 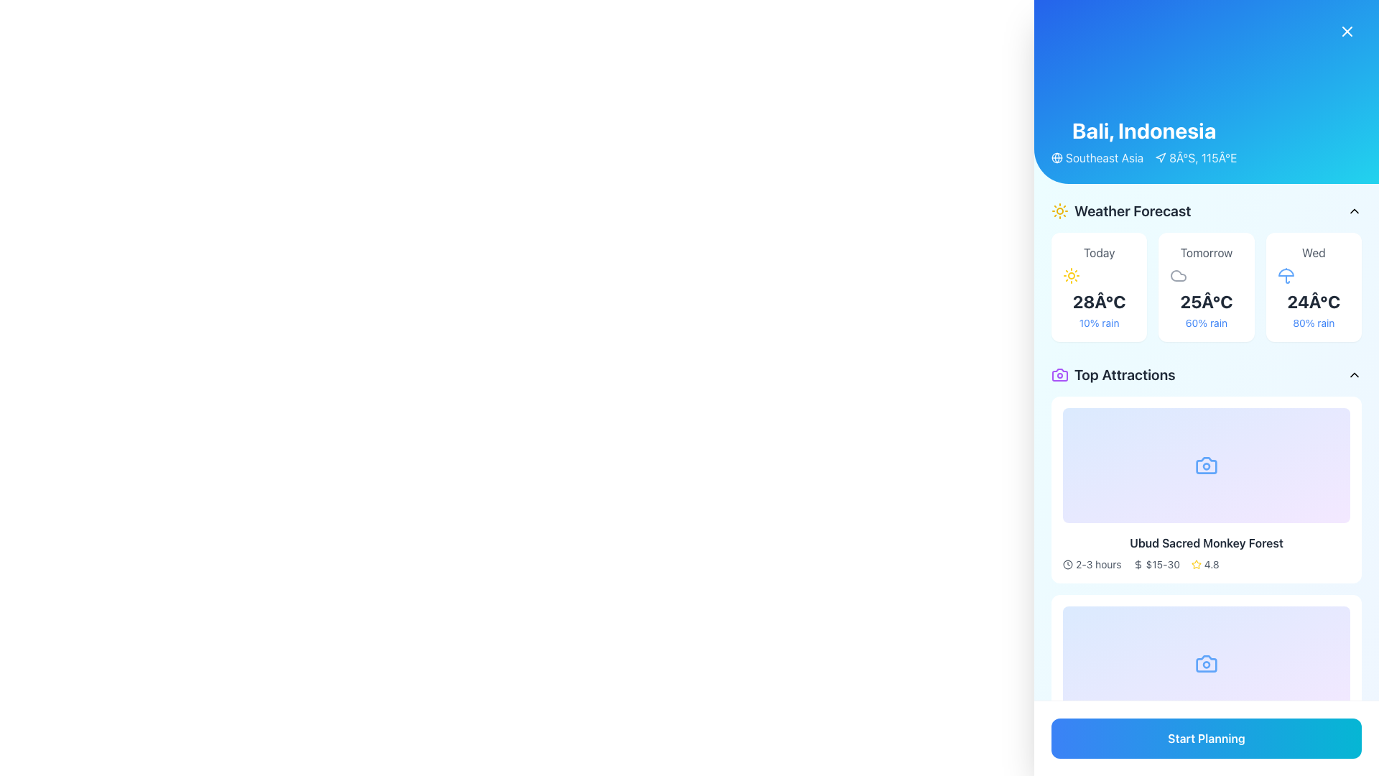 I want to click on the star icon used for rating the attraction 'Ubud Sacred Monkey Forest' to indicate preference, so click(x=1196, y=563).